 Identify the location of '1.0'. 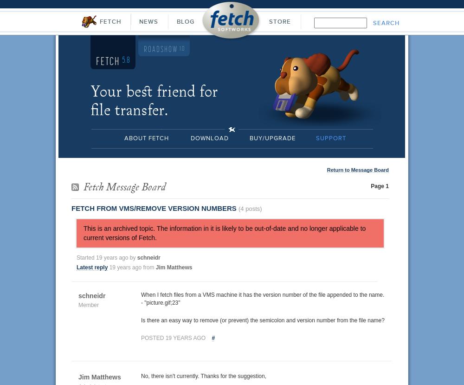
(182, 49).